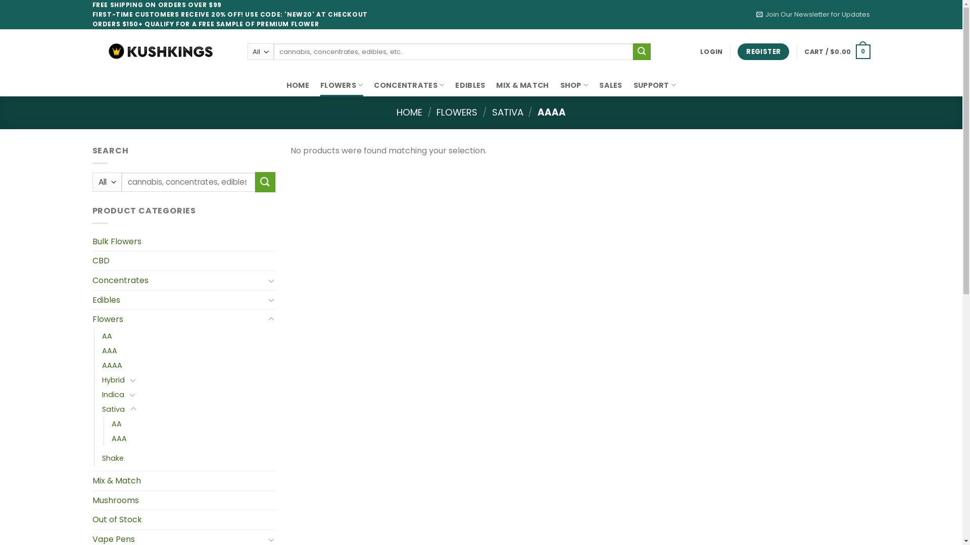  I want to click on 'CART / $0.00, so click(837, 52).